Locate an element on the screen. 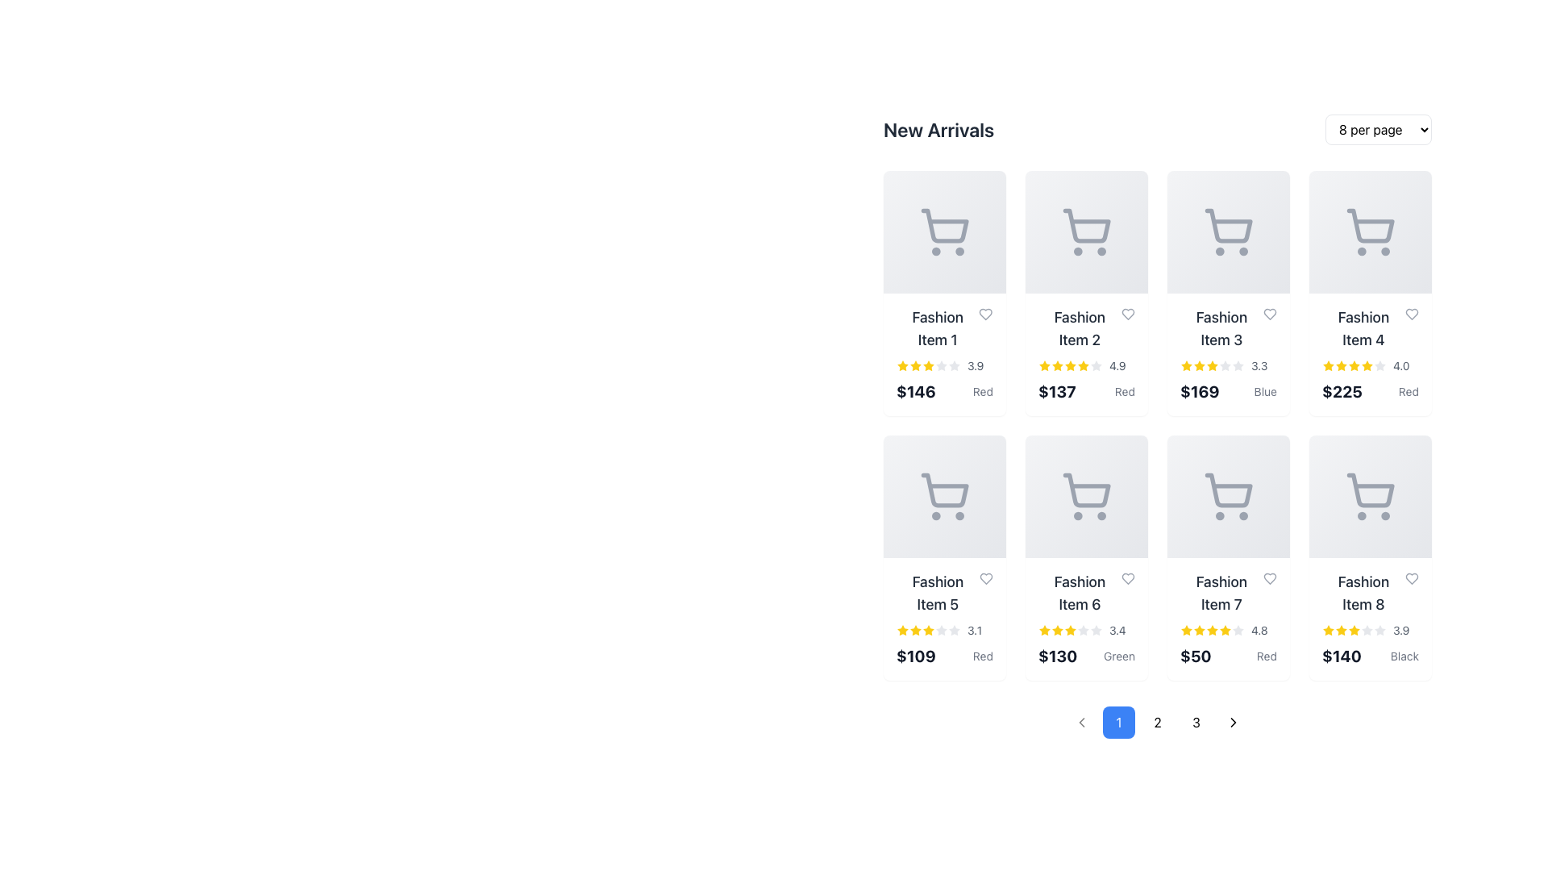  the second star icon in the 5-star rating system for the product described as 'Fashion Item 6', which is a filled yellow star located below the item's title and above the price tag is located at coordinates (1071, 629).